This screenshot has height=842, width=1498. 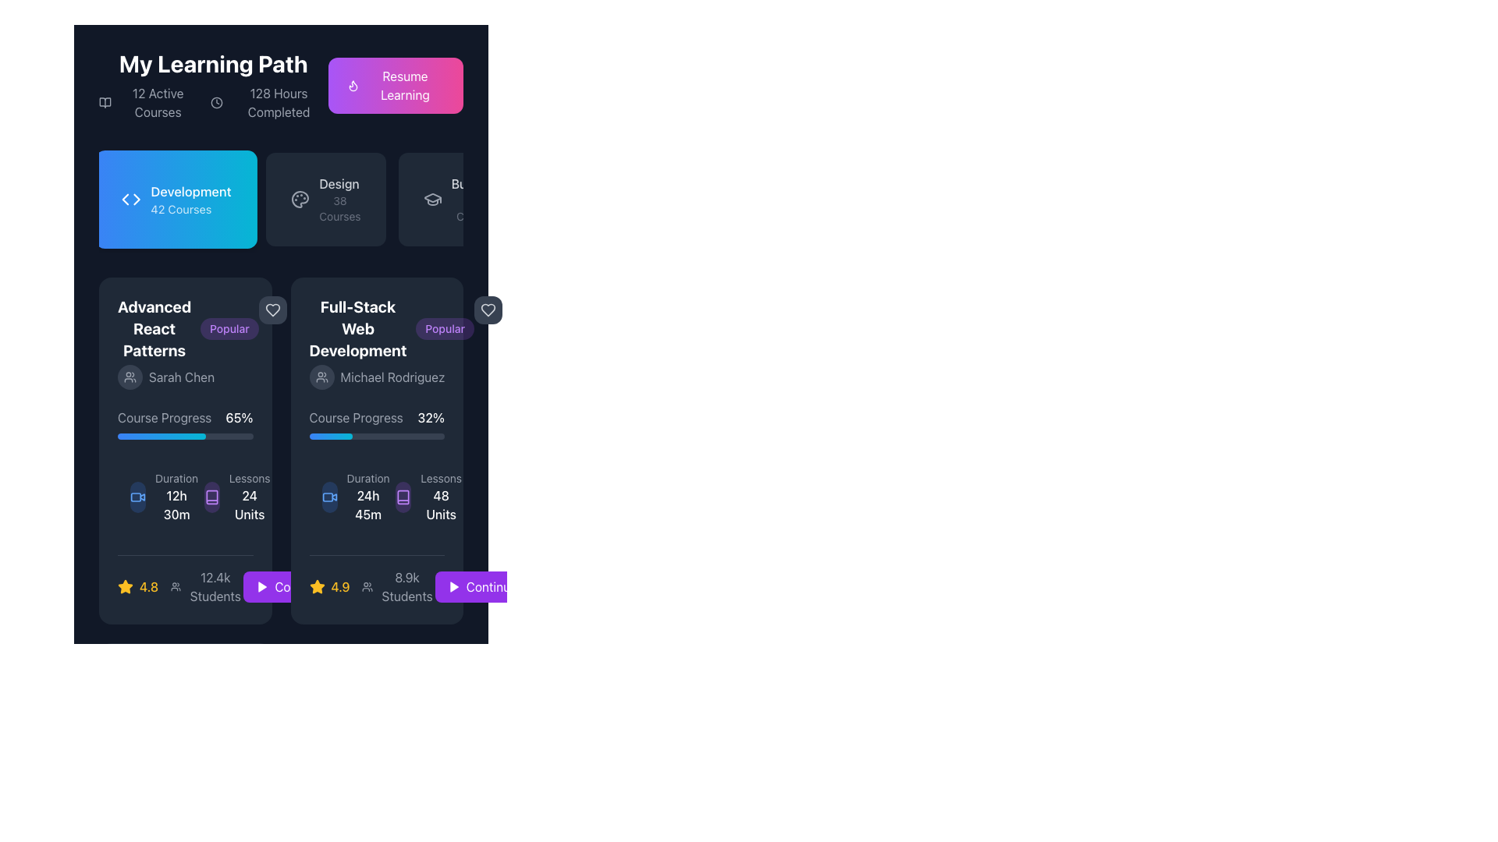 What do you see at coordinates (262, 586) in the screenshot?
I see `the play icon, which is a purple triangle pointing right, located within the 'Continue' button at the bottom-right of the interface` at bounding box center [262, 586].